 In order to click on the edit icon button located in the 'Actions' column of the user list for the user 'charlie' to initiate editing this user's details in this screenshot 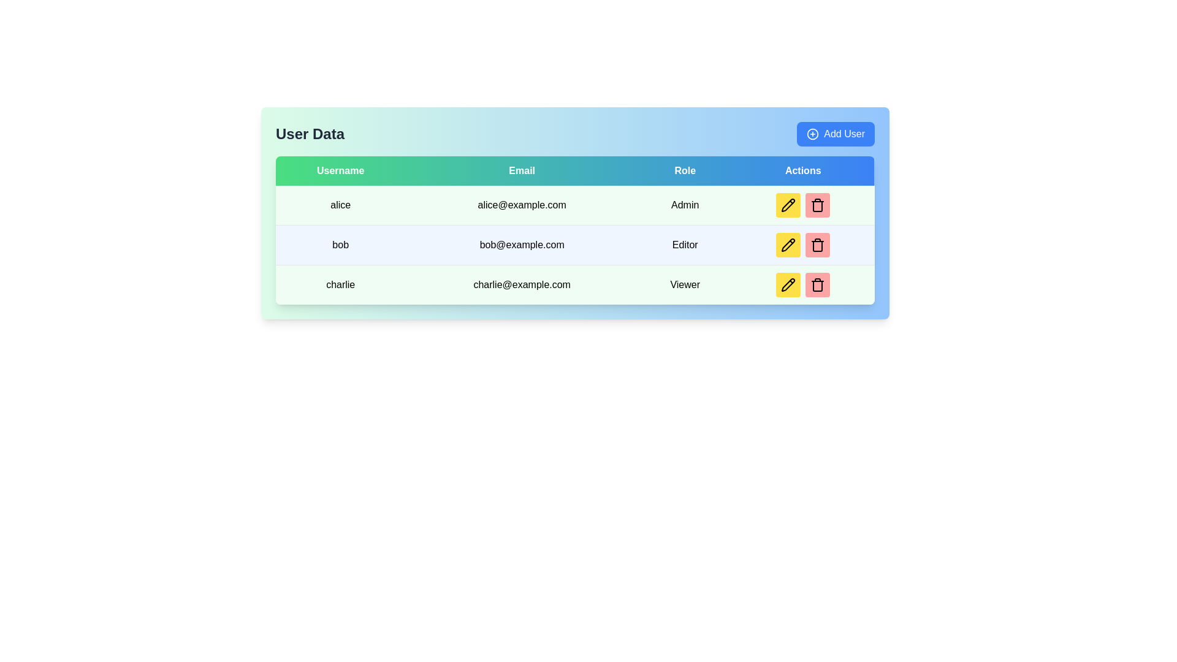, I will do `click(788, 285)`.